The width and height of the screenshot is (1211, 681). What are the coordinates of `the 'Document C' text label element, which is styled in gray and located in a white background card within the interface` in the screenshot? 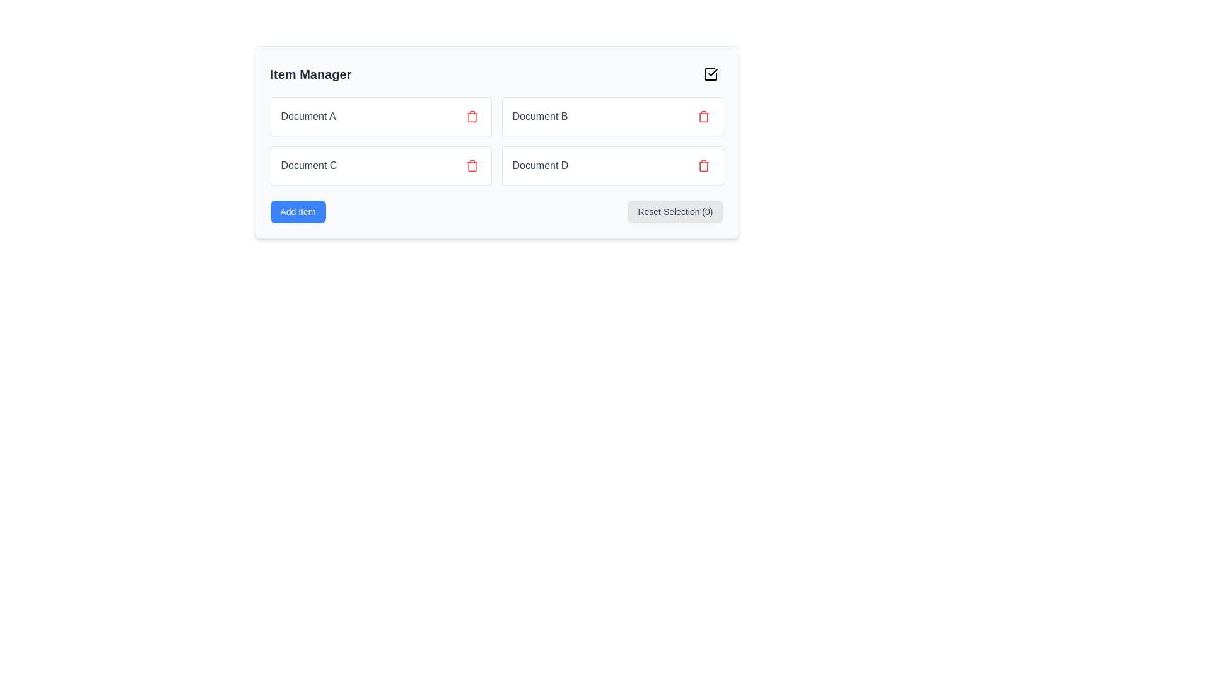 It's located at (308, 165).